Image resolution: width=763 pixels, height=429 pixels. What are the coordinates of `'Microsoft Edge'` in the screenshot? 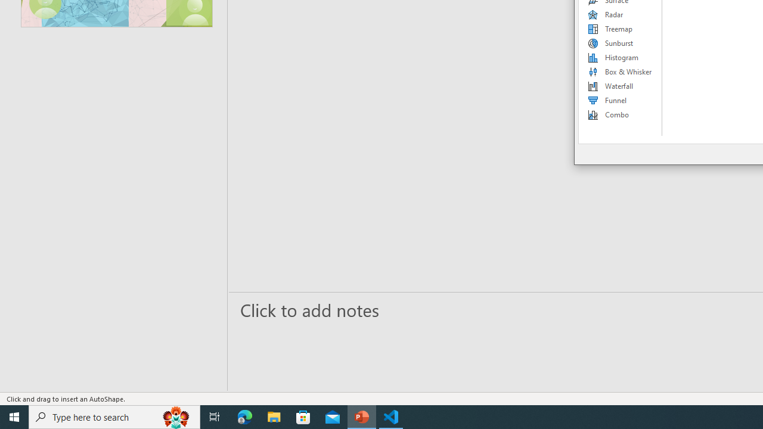 It's located at (244, 416).